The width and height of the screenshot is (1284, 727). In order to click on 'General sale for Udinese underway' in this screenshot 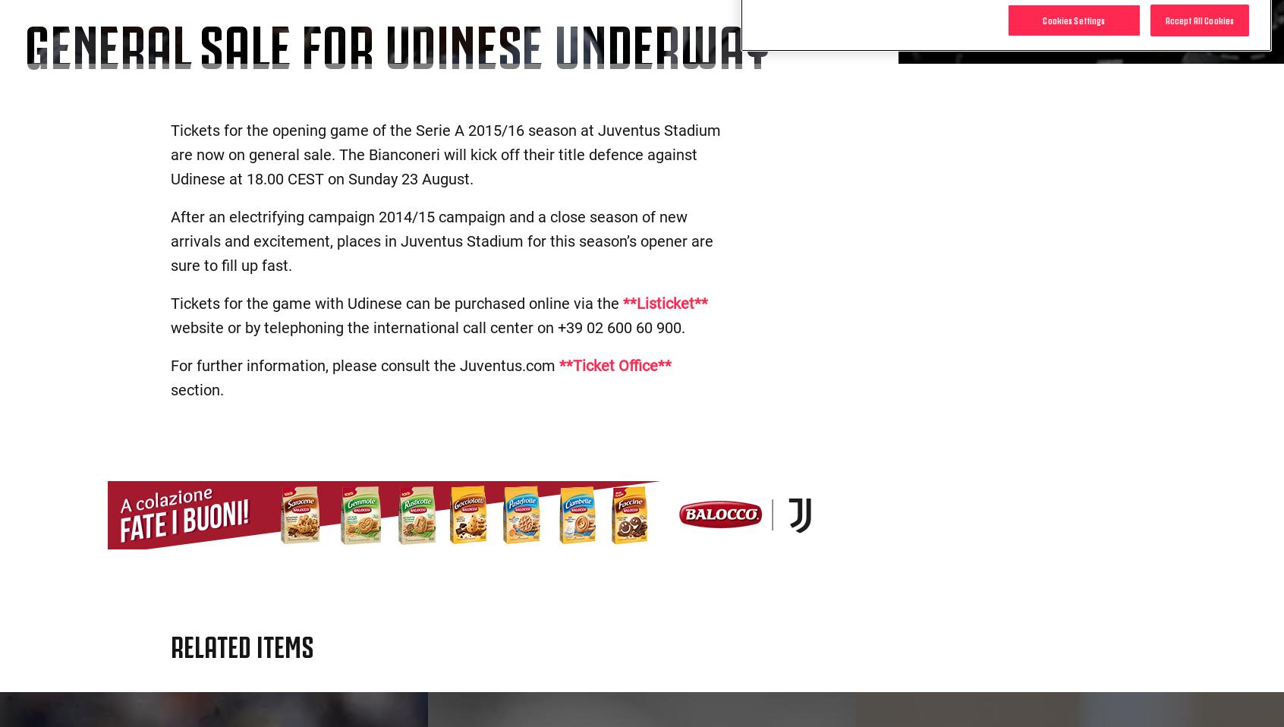, I will do `click(396, 40)`.